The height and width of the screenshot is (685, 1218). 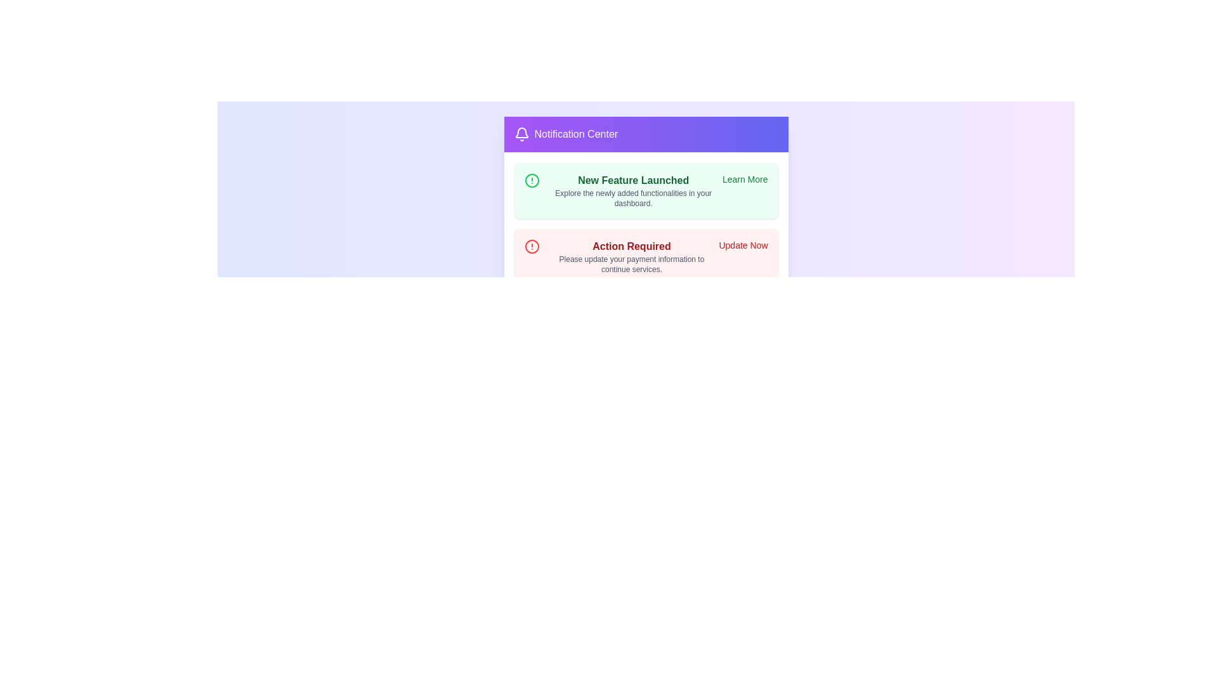 What do you see at coordinates (532, 181) in the screenshot?
I see `the notification icon located in the top notification box with a green background, next to the title 'New Feature Launched'` at bounding box center [532, 181].